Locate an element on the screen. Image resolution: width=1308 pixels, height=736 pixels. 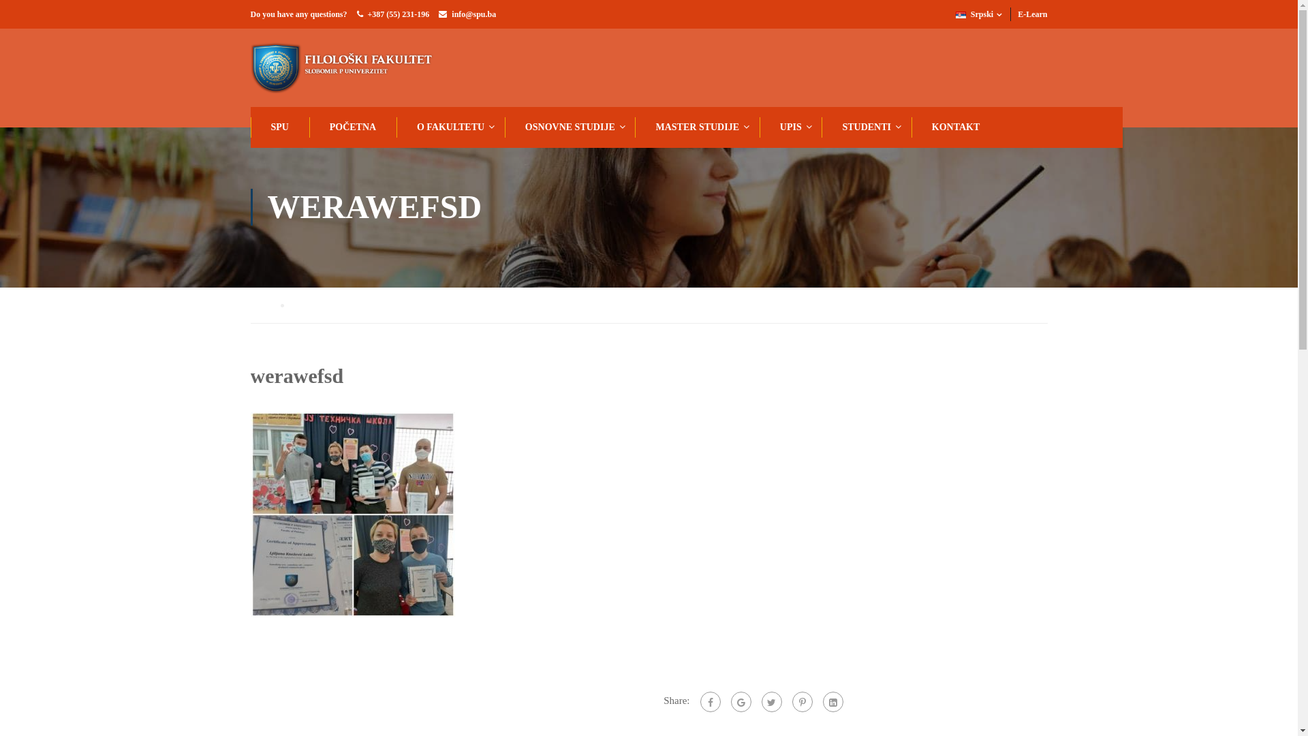
'Google Plus' is located at coordinates (739, 701).